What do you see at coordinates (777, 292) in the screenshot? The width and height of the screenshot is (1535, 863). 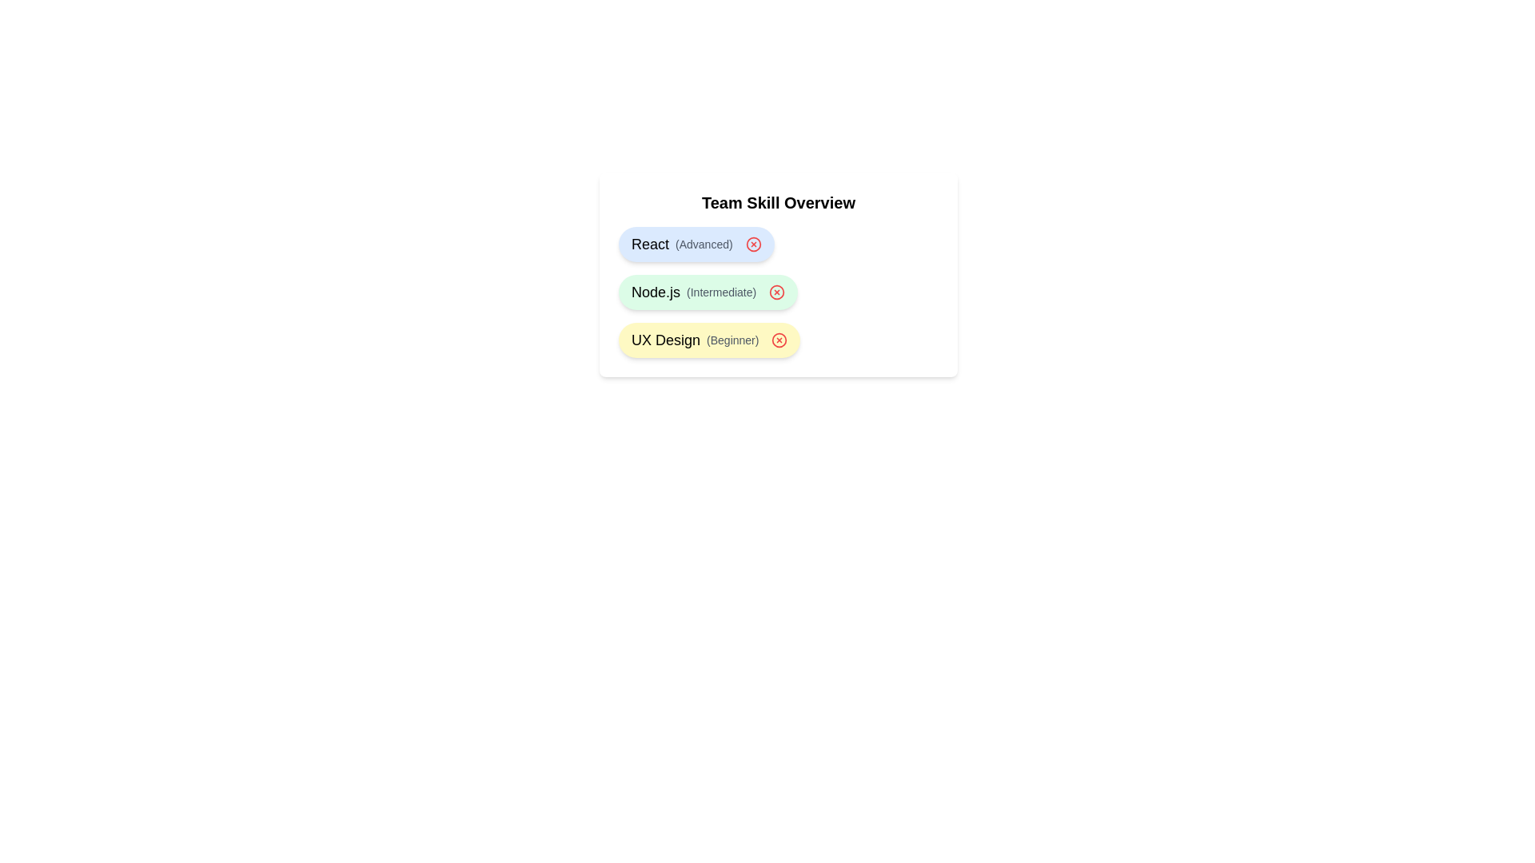 I see `delete button for the skill Node.js` at bounding box center [777, 292].